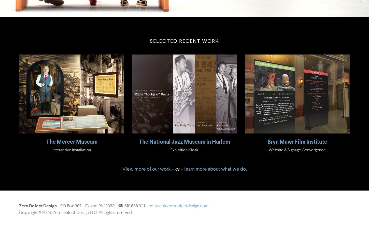 This screenshot has width=369, height=229. Describe the element at coordinates (146, 169) in the screenshot. I see `'View more of our work'` at that location.